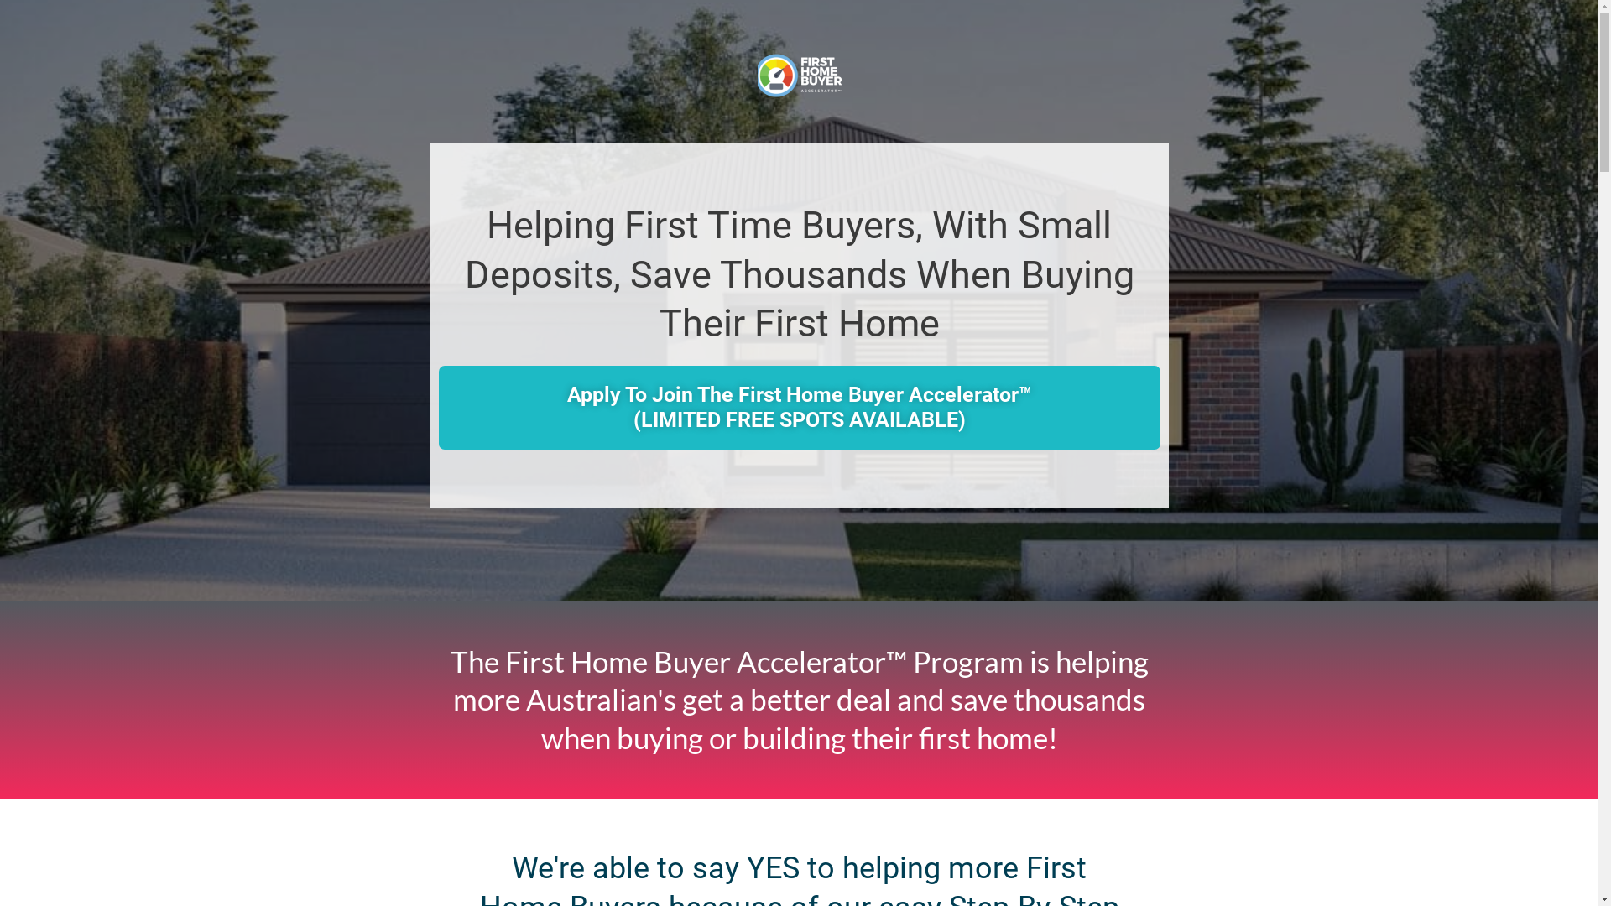 The height and width of the screenshot is (906, 1611). I want to click on 'FHBA', so click(797, 74).